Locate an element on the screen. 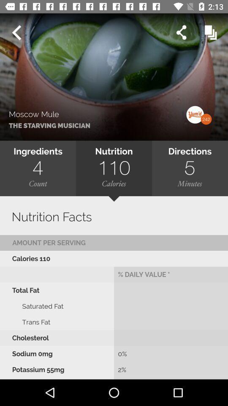 The width and height of the screenshot is (228, 406). the arrow_backward icon is located at coordinates (16, 33).